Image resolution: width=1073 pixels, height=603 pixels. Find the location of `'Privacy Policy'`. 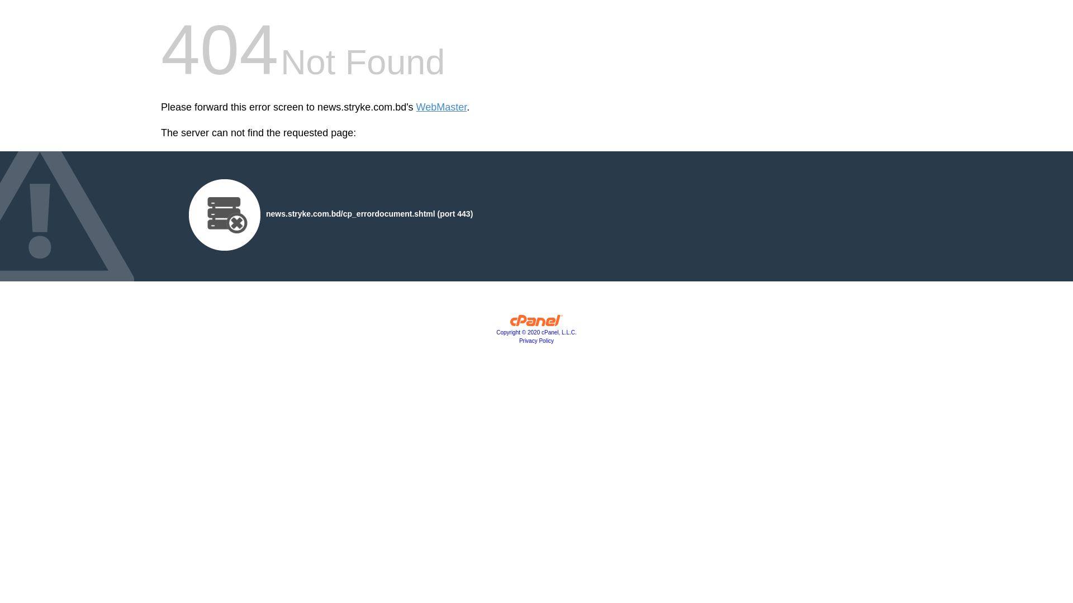

'Privacy Policy' is located at coordinates (536, 340).